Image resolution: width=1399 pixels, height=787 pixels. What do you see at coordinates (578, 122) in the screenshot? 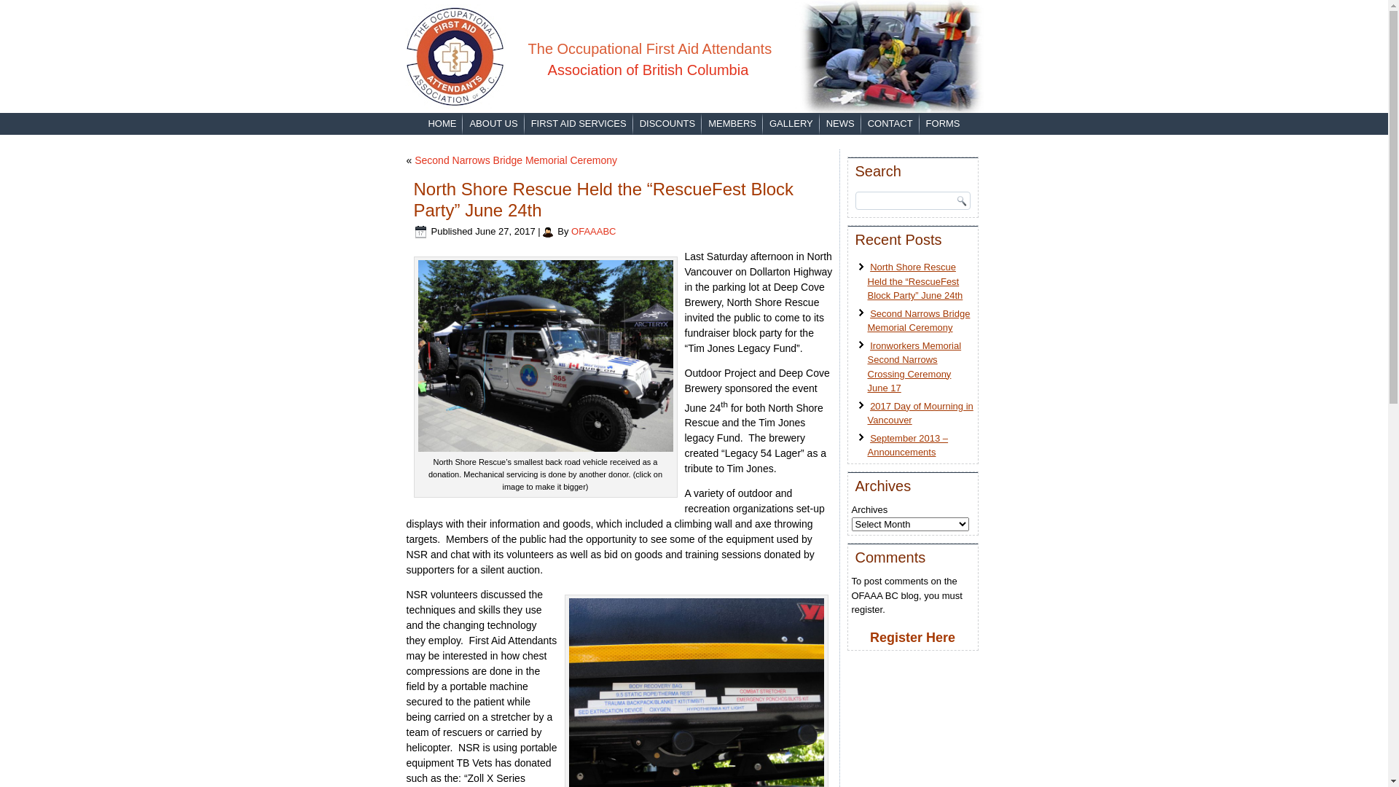
I see `'FIRST AID SERVICES'` at bounding box center [578, 122].